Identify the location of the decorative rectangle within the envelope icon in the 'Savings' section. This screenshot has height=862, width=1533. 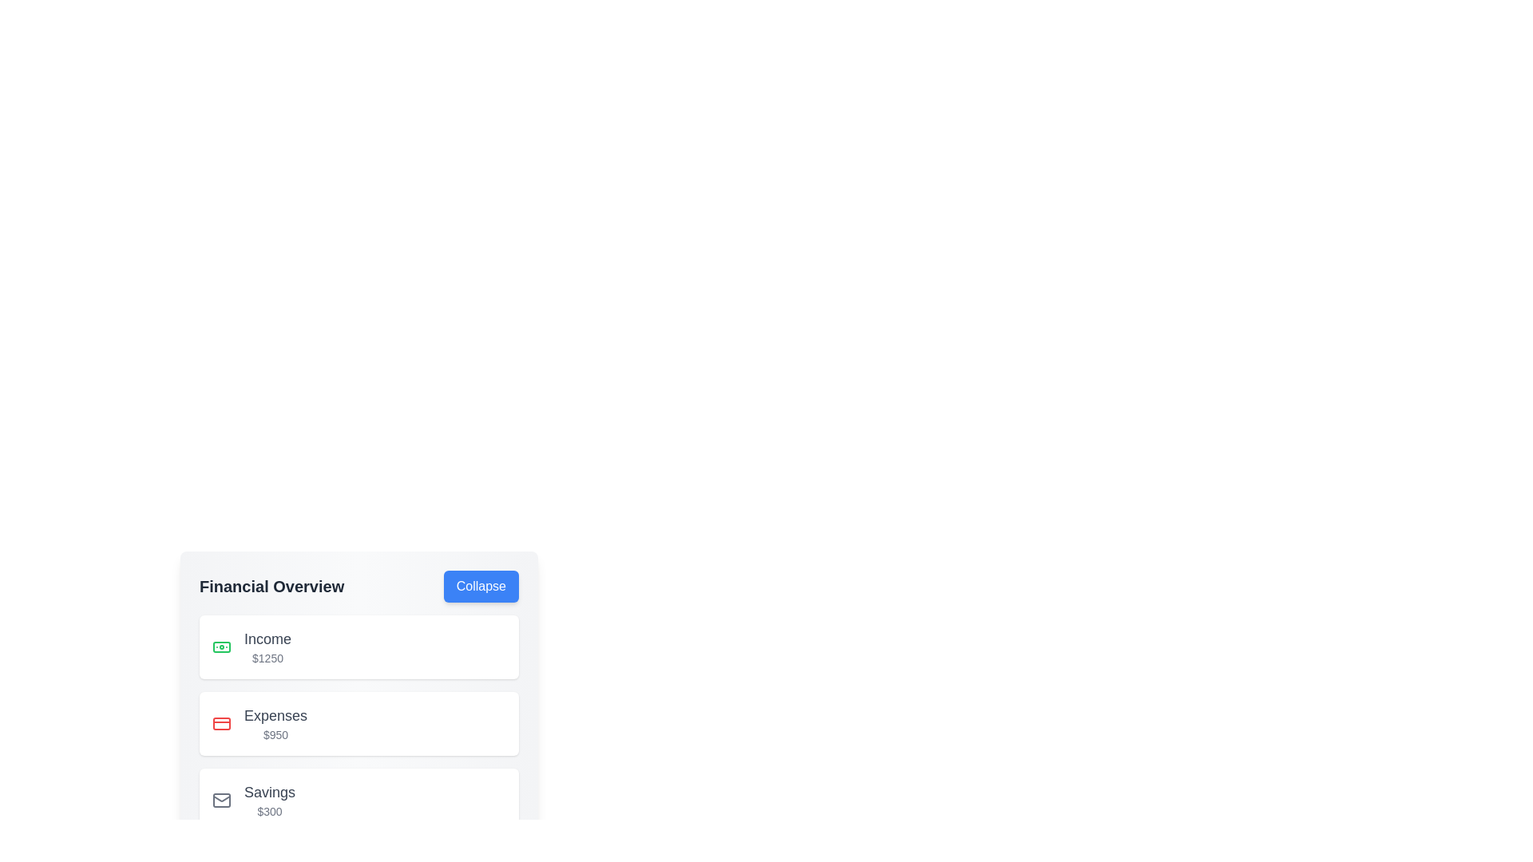
(221, 800).